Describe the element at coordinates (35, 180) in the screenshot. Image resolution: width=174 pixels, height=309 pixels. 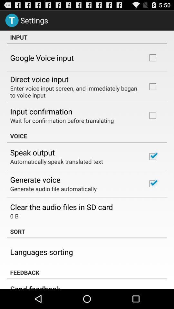
I see `icon above generate audio file` at that location.